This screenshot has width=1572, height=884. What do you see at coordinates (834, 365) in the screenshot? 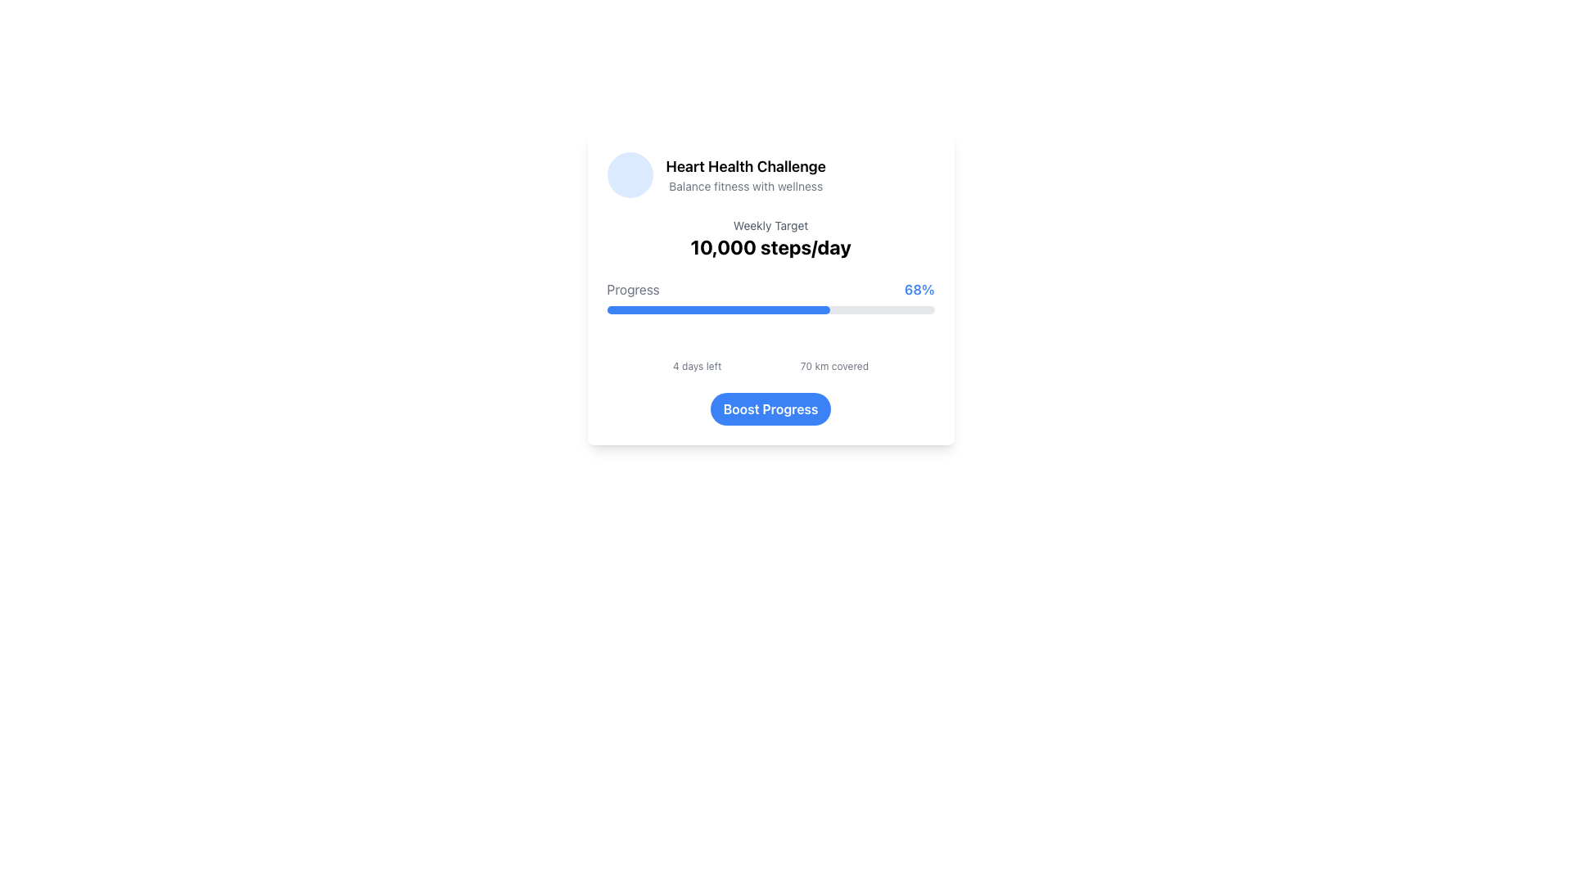
I see `the Text Label indicating '70 km covered', which provides supplementary information about the user's progress` at bounding box center [834, 365].